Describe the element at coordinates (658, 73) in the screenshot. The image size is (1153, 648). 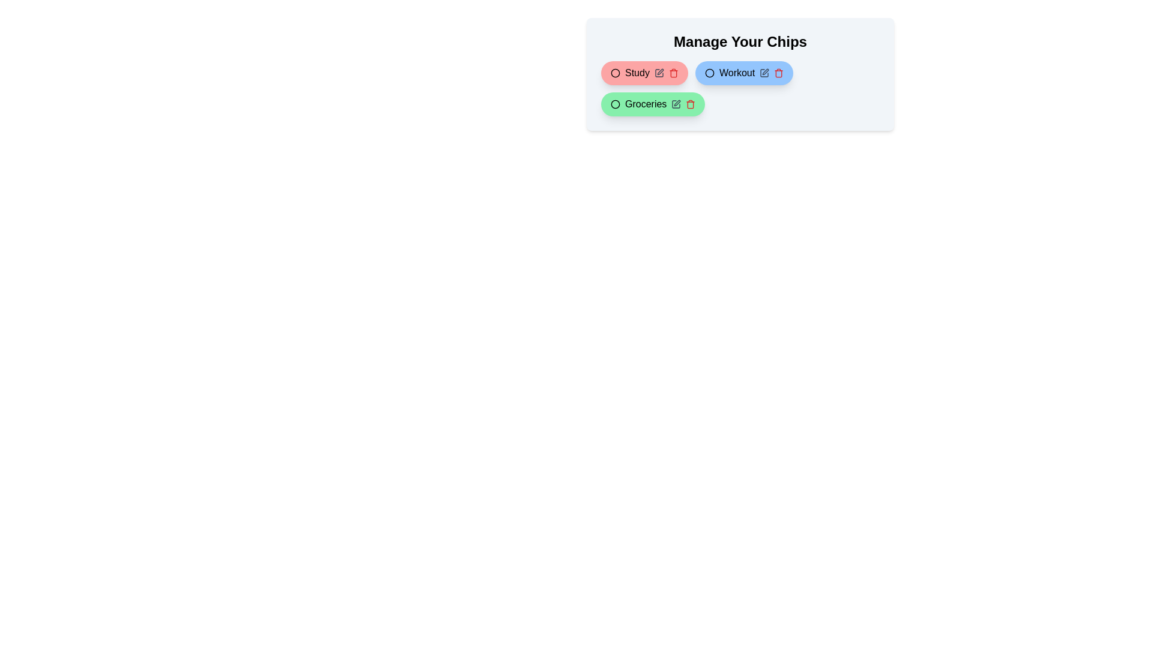
I see `edit button of the chip labeled Study to change its color` at that location.